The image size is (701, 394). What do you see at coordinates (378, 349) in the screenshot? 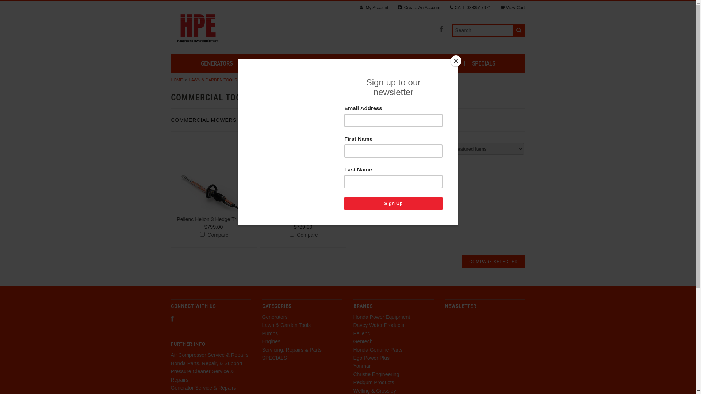
I see `'Honda Genuine Parts'` at bounding box center [378, 349].